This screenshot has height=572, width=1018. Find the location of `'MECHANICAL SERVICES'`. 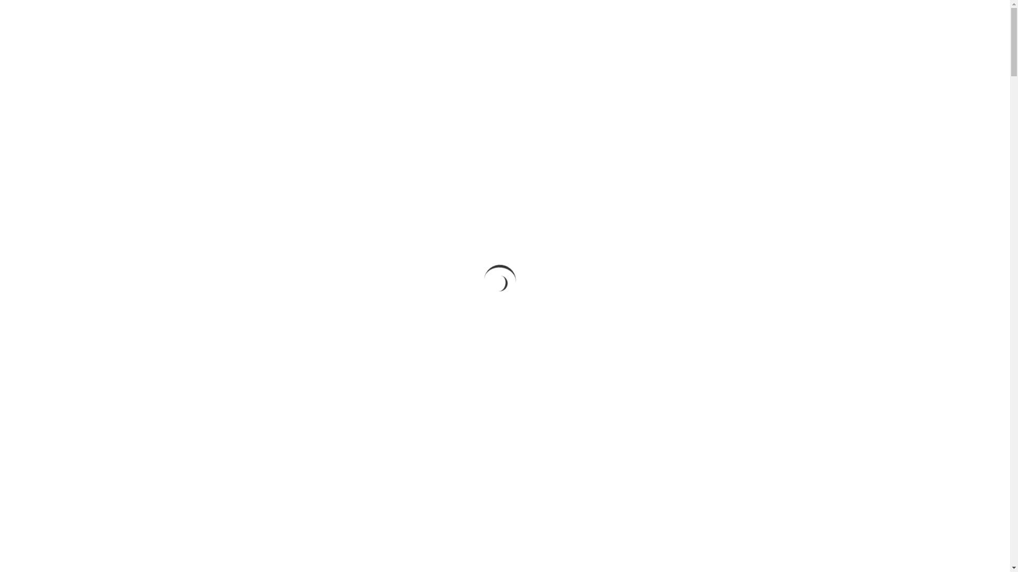

'MECHANICAL SERVICES' is located at coordinates (510, 20).